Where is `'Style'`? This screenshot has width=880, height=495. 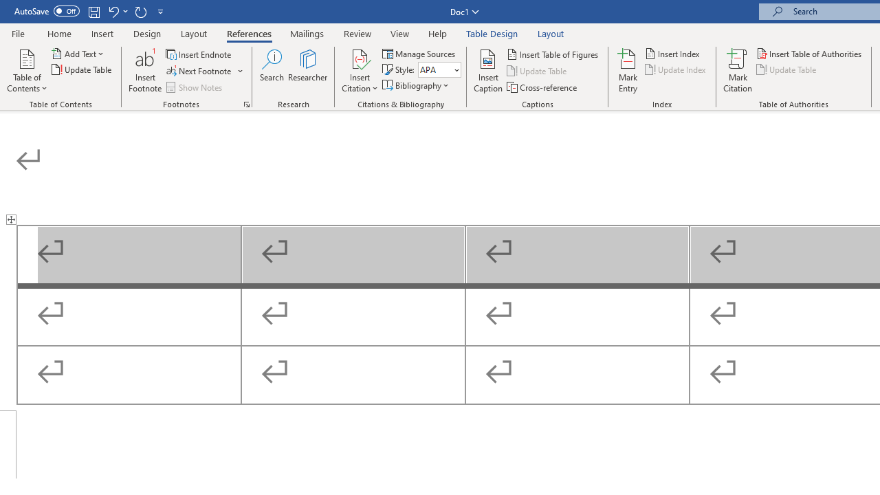 'Style' is located at coordinates (439, 69).